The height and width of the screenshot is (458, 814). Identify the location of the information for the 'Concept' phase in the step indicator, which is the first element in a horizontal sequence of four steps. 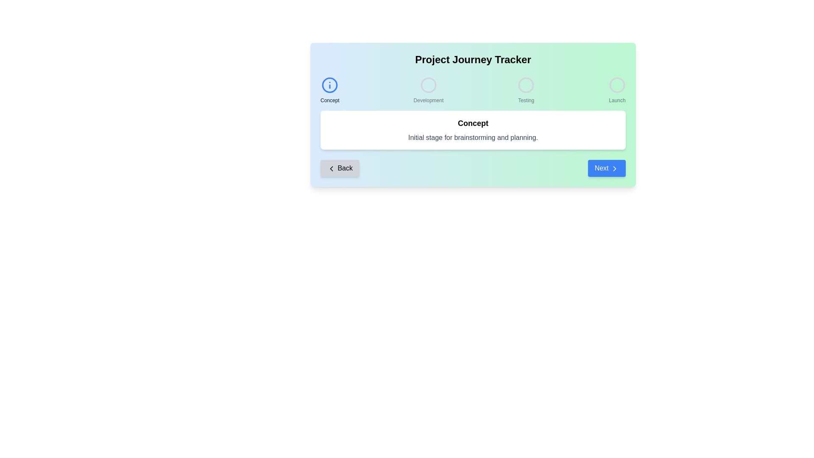
(329, 90).